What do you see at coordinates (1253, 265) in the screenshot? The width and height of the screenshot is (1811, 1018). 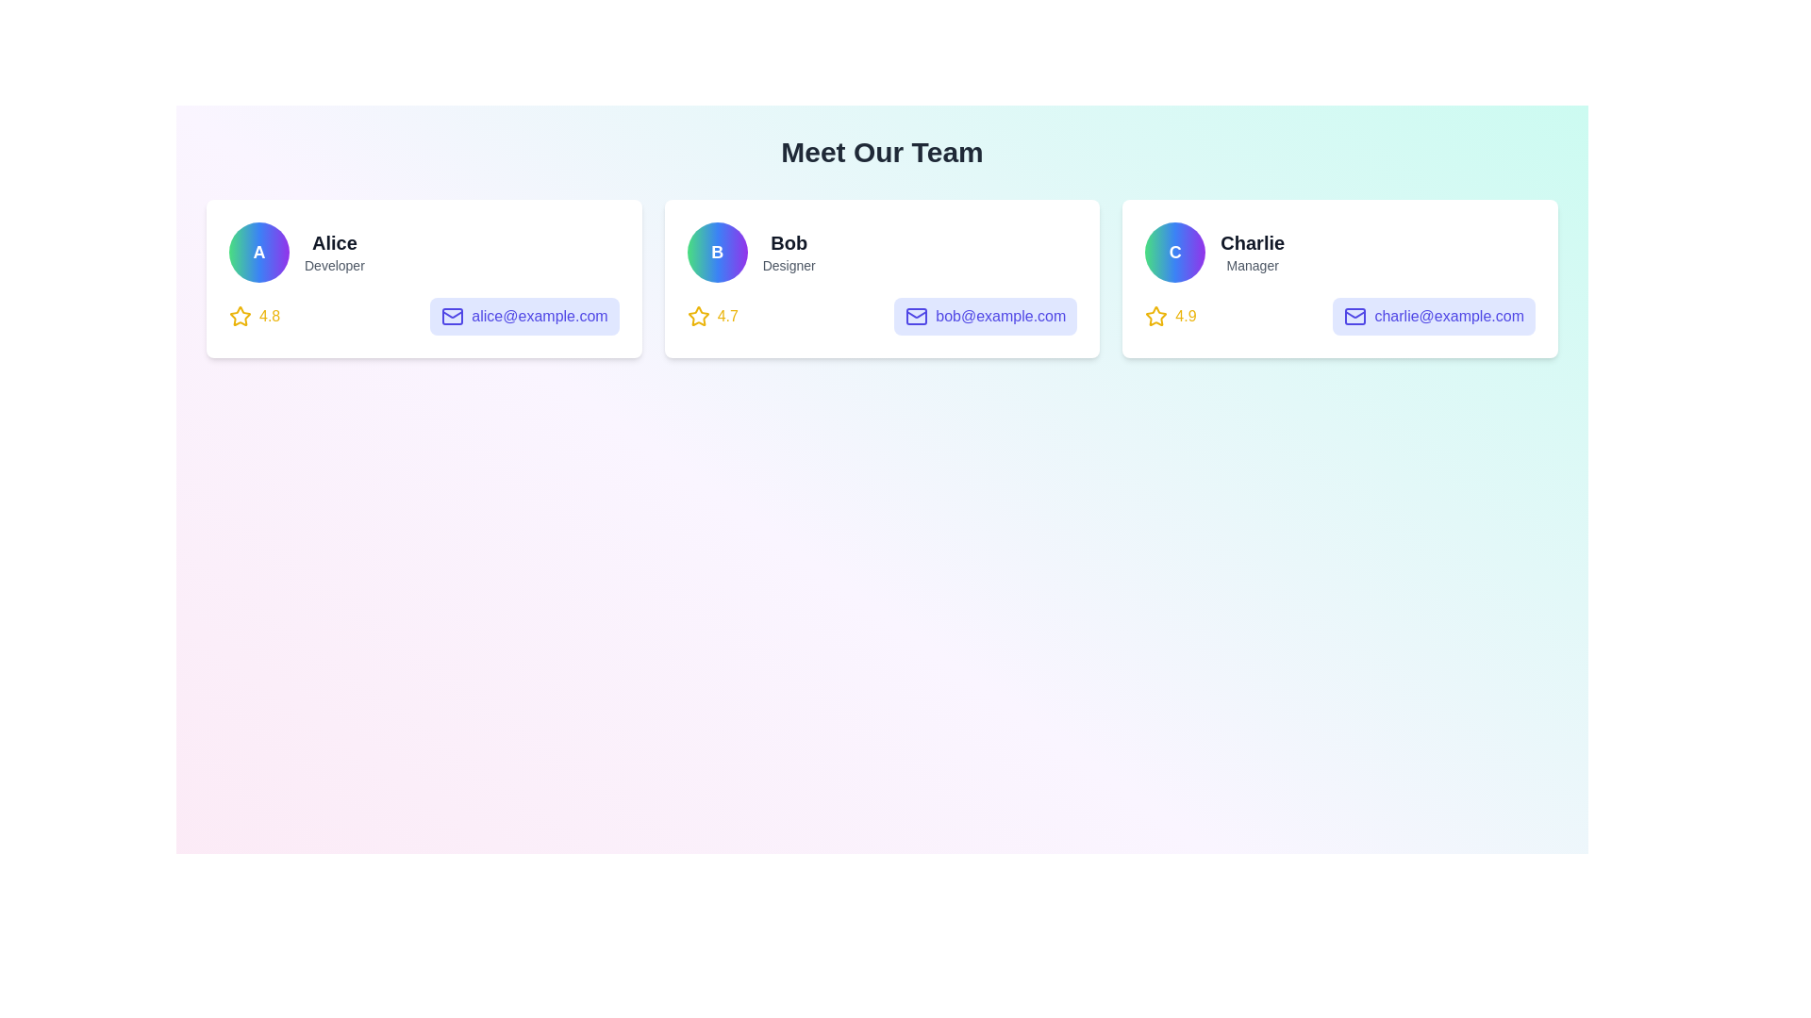 I see `the text label displaying 'Manager' in gray color, located directly below the name 'Charlie' inside the rightmost card layout` at bounding box center [1253, 265].